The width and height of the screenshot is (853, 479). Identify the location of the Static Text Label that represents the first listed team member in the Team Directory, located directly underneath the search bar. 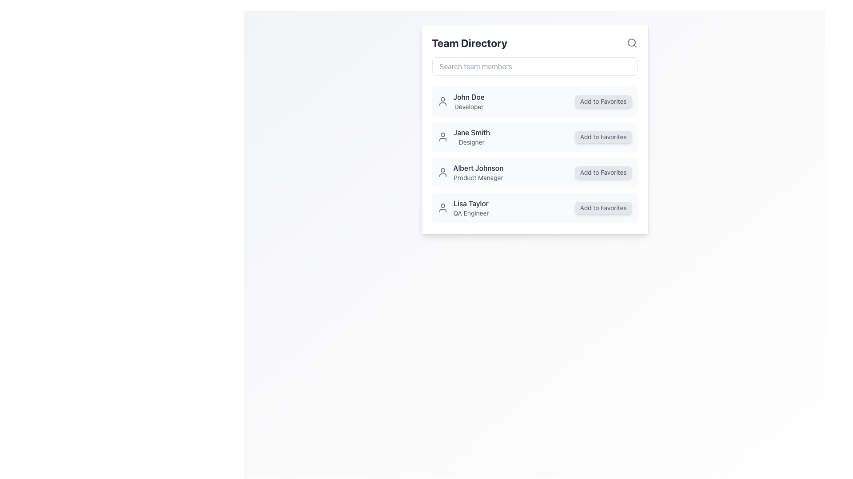
(468, 97).